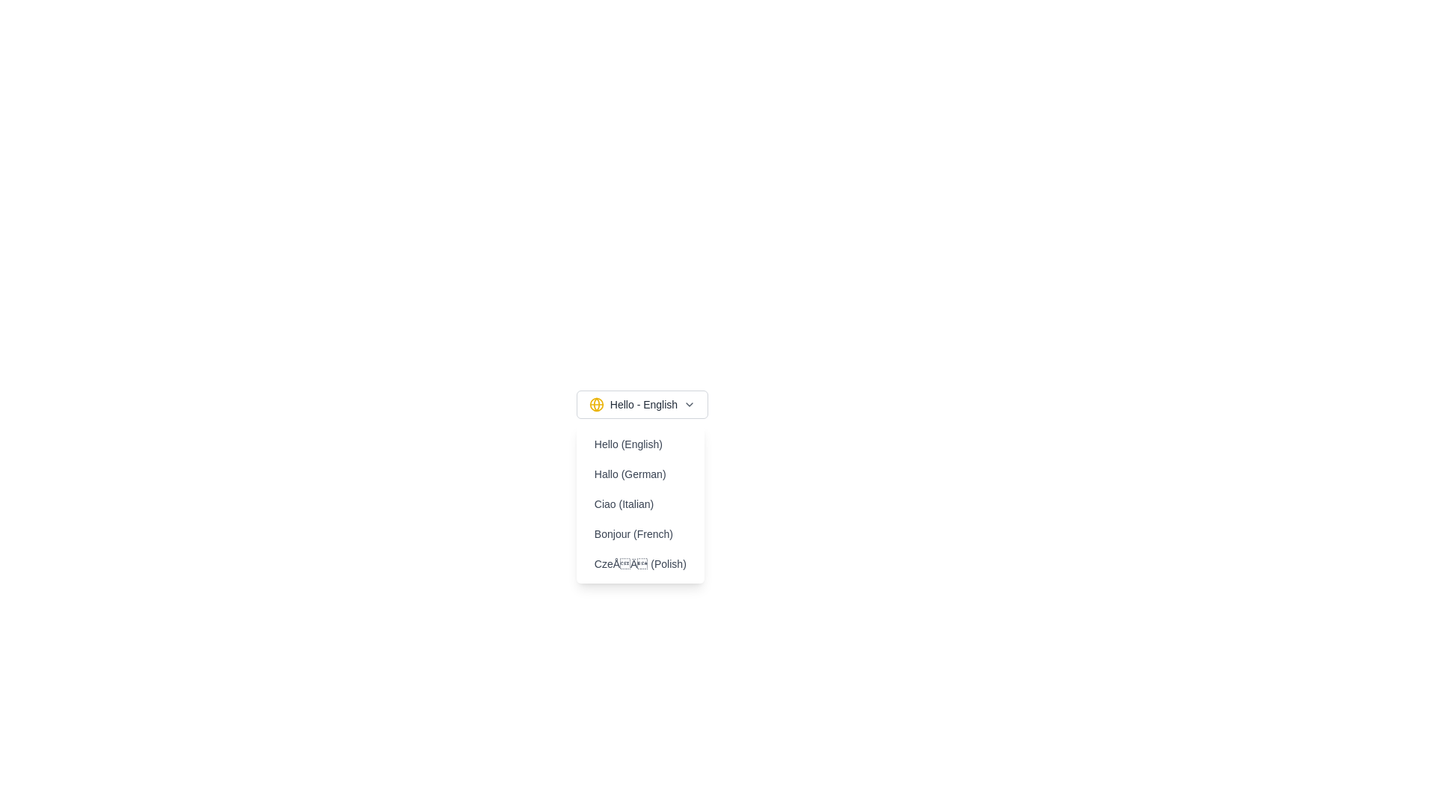 Image resolution: width=1436 pixels, height=808 pixels. Describe the element at coordinates (639, 504) in the screenshot. I see `the 'Ciao' text label representing the Italian language option in the dropdown menu` at that location.